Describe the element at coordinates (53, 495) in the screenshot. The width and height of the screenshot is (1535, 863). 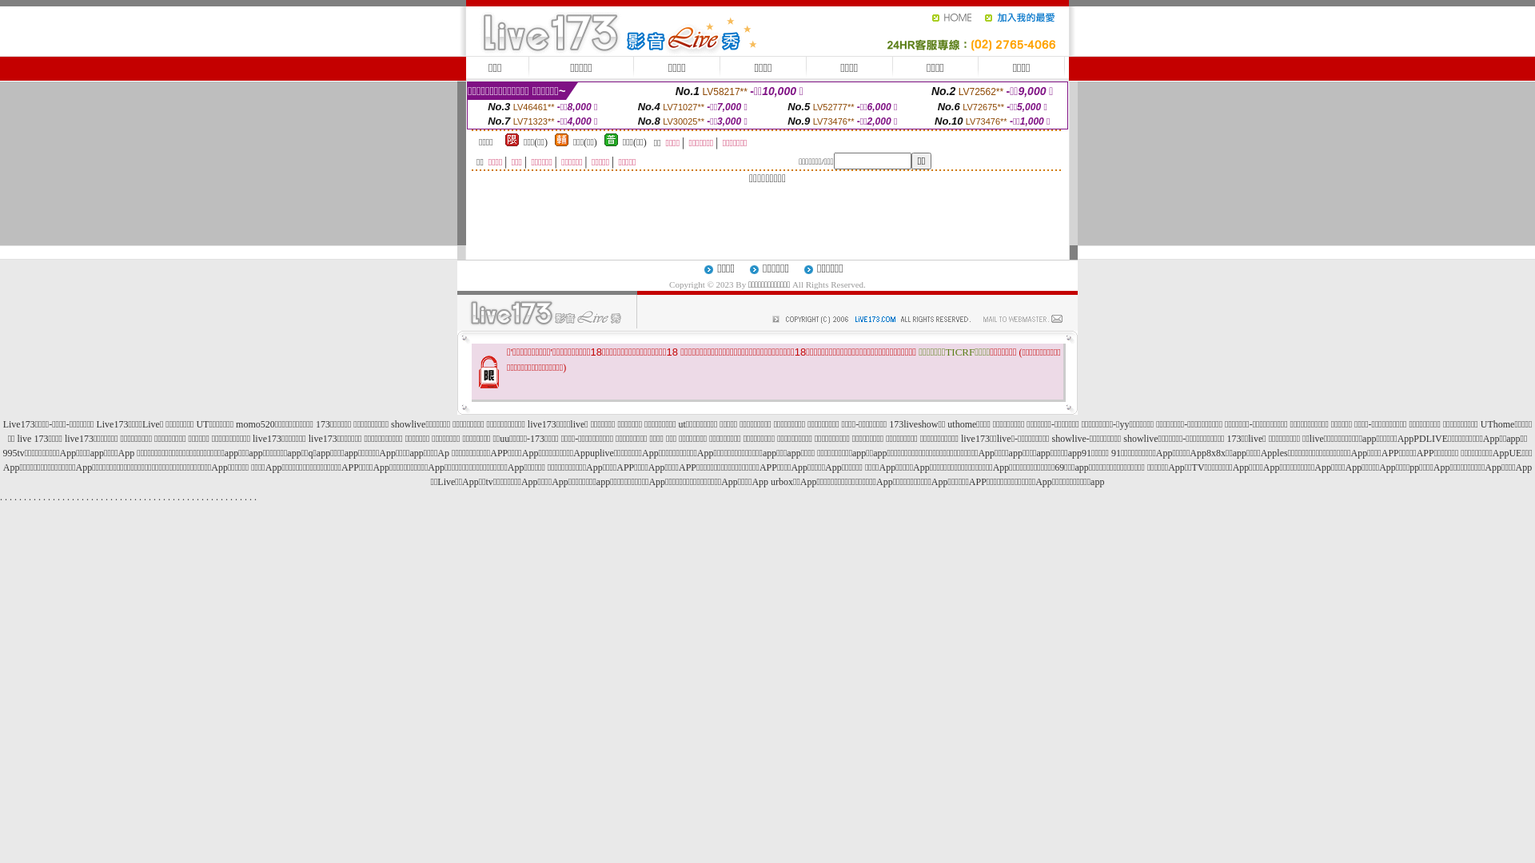
I see `'.'` at that location.